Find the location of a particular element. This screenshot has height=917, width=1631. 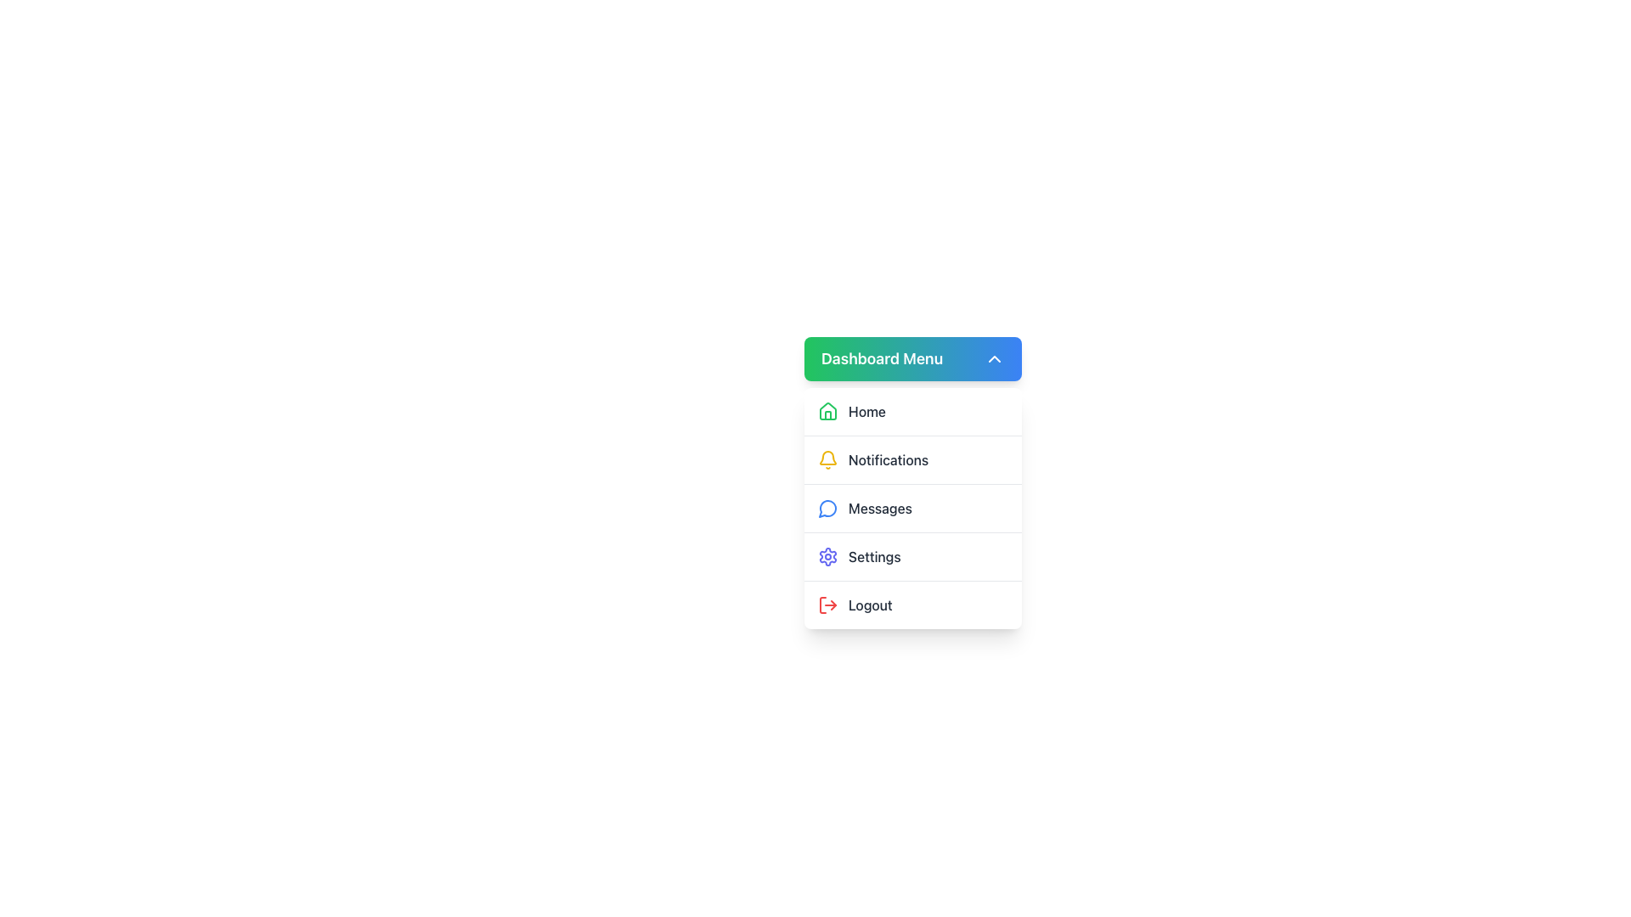

the text label indicating the logout functionality in the dropdown menu, located to the right of the red logout icon is located at coordinates (870, 605).